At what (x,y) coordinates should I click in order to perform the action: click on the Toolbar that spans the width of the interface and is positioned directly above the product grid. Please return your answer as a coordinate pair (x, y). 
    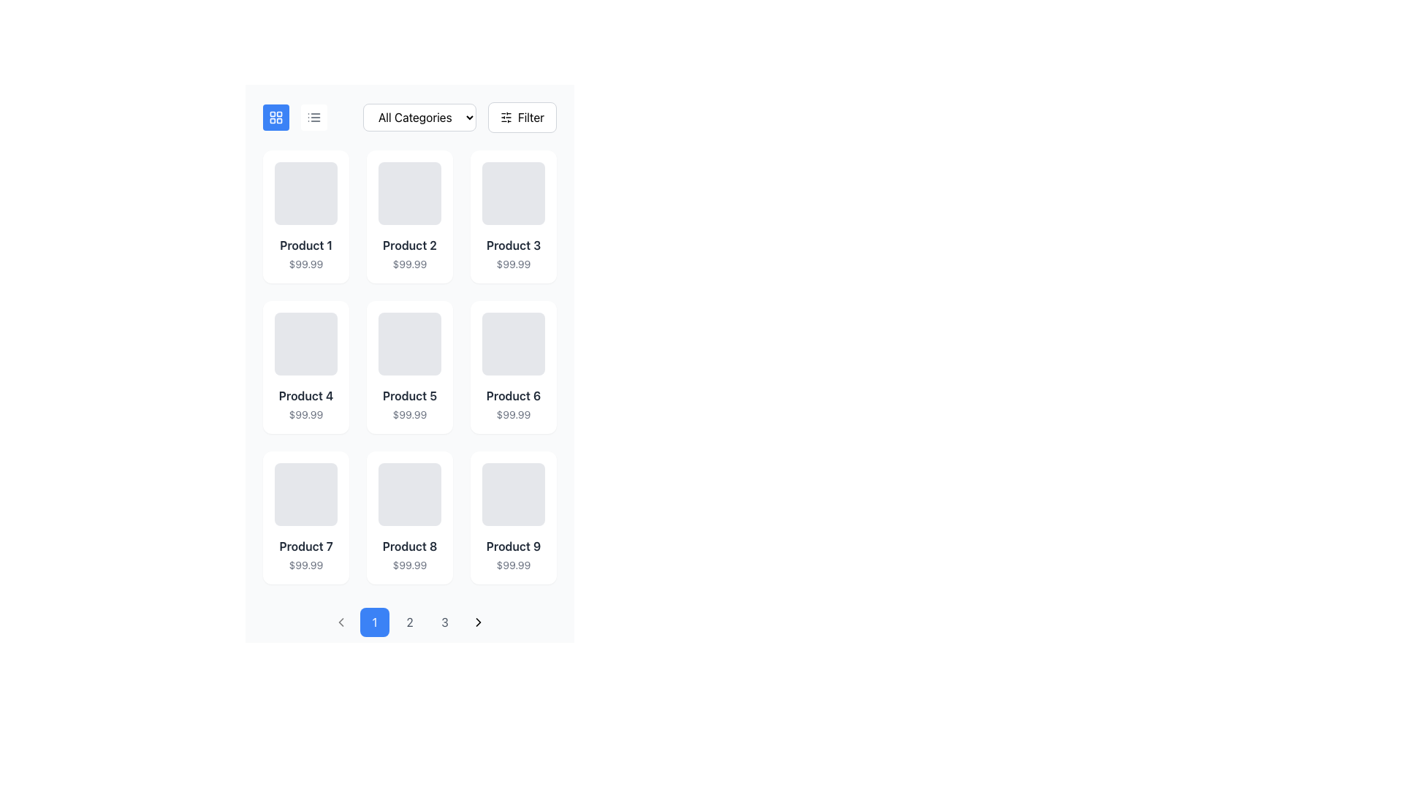
    Looking at the image, I should click on (409, 117).